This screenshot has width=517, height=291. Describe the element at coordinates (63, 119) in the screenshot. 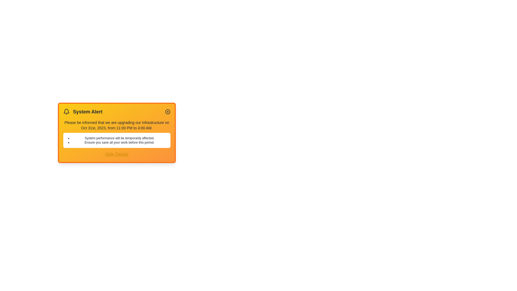

I see `the text in the alert message area` at that location.